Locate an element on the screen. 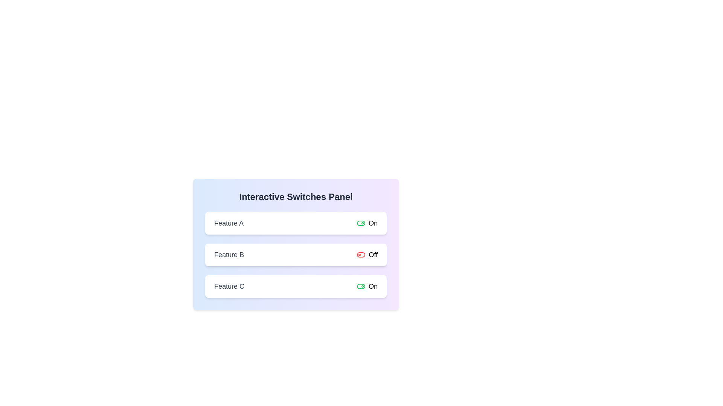 This screenshot has width=723, height=406. the title of the panel to interact with it is located at coordinates (296, 197).